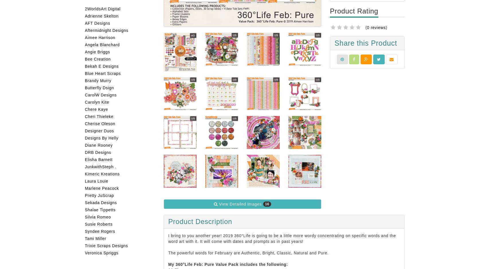 This screenshot has height=269, width=485. I want to click on 'Trixie Scraps Designs', so click(106, 245).